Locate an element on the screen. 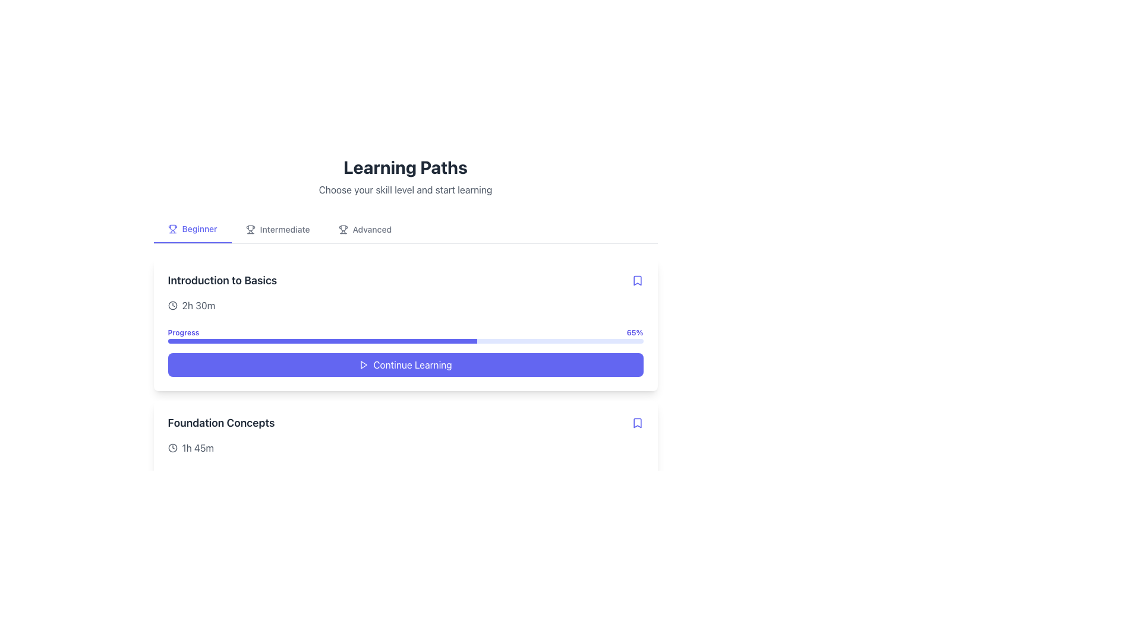 The image size is (1141, 641). the progress bar indicating '65%' completion, which is located below the 'Progress' text and to the left of the 'Continue Learning' button is located at coordinates (405, 341).